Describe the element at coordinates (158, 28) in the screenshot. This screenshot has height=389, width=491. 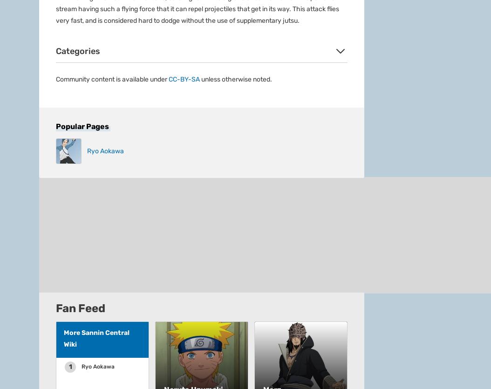
I see `'Help'` at that location.